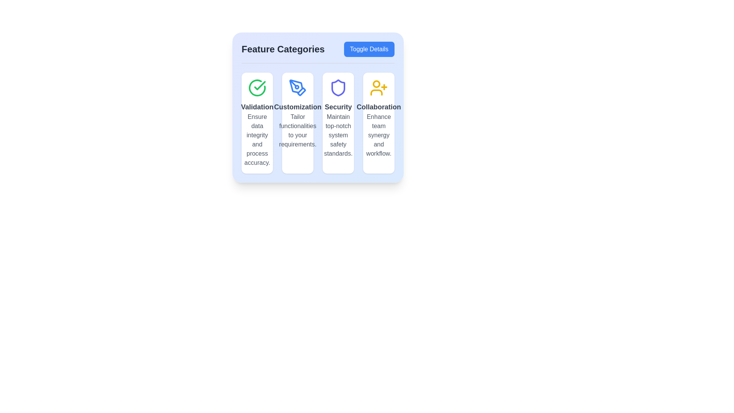 This screenshot has height=413, width=734. Describe the element at coordinates (257, 88) in the screenshot. I see `the validation success icon located in the top-left corner of the grid layout, above the 'Validation' text and adjacent to 'Customization', 'Security', and 'Collaboration'` at that location.